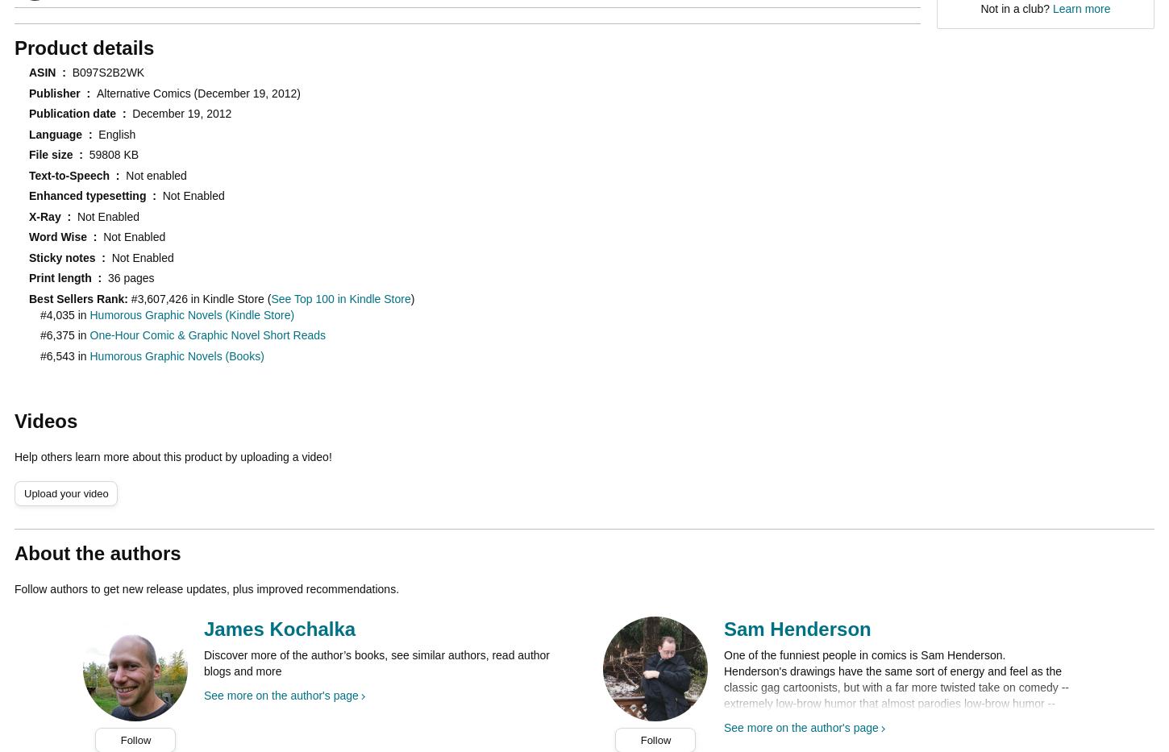  Describe the element at coordinates (64, 133) in the screenshot. I see `'Language
                                    ‏
                                        :
                                    ‎'` at that location.